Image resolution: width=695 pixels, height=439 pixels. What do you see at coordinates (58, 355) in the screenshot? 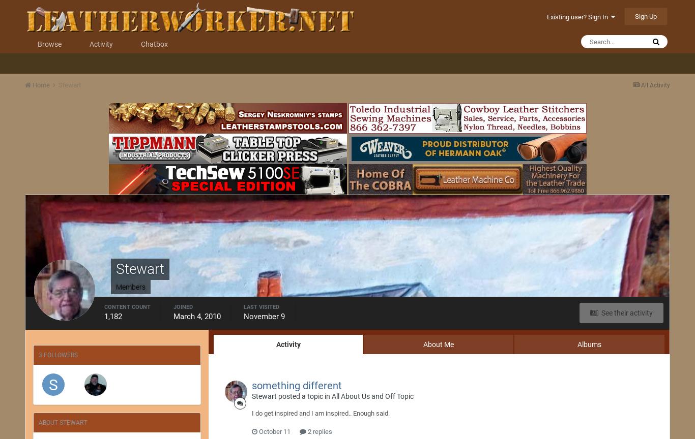
I see `'3 Followers'` at bounding box center [58, 355].